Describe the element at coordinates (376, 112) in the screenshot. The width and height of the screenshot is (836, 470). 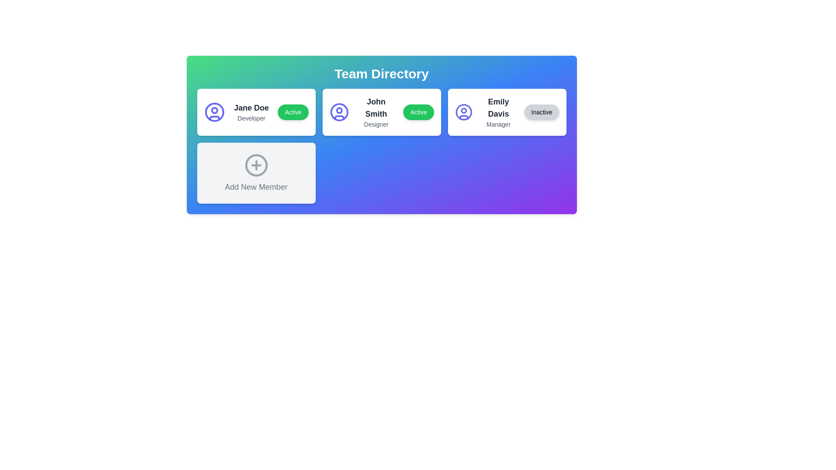
I see `the Text Label displaying the name 'John Smith' in bold and the role 'Designer' in a smaller font, which is located in the second card of the team directory view` at that location.